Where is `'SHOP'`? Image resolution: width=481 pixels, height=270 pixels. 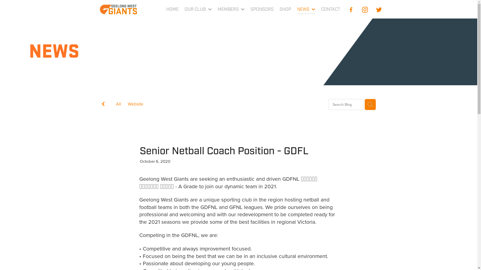
'SHOP' is located at coordinates (285, 9).